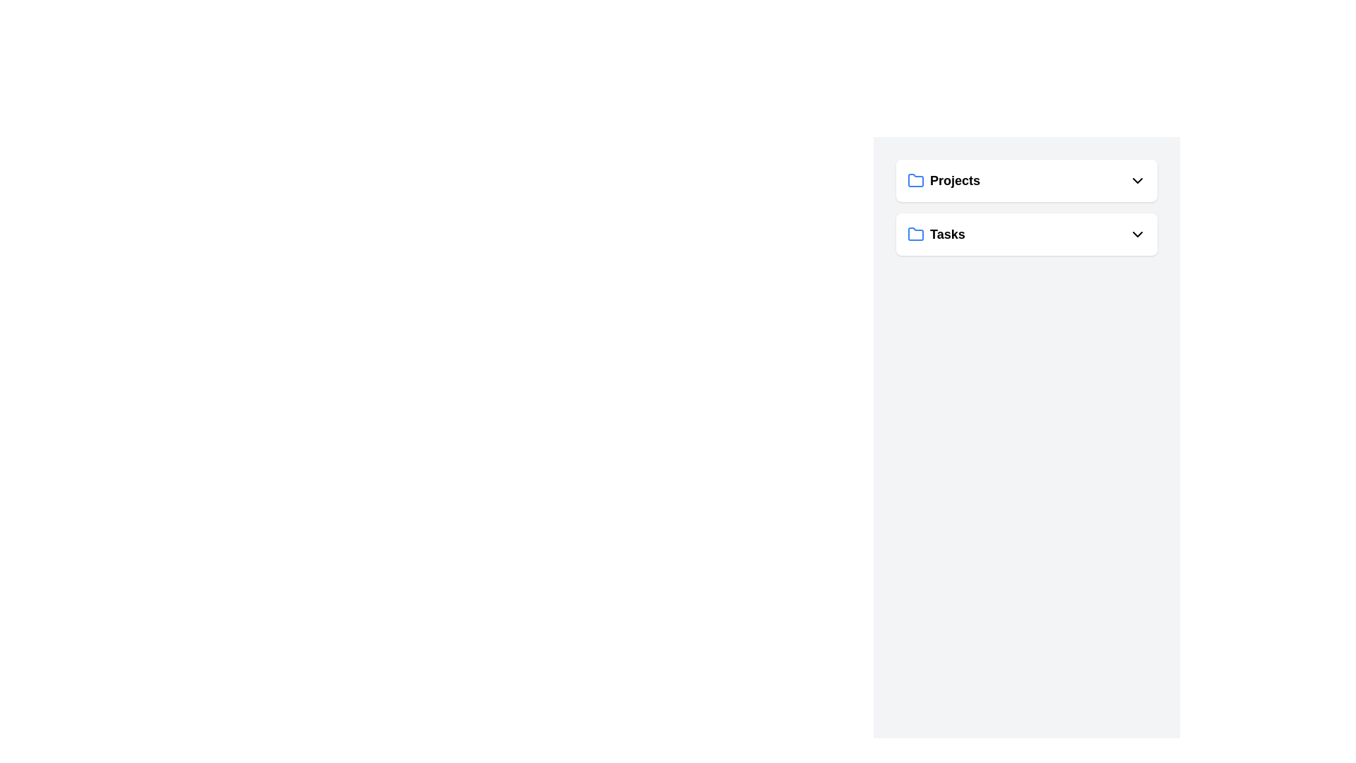  What do you see at coordinates (915, 179) in the screenshot?
I see `the decorative folder SVG icon representing the 'Projects' section, located to the left of the text 'Projects'` at bounding box center [915, 179].